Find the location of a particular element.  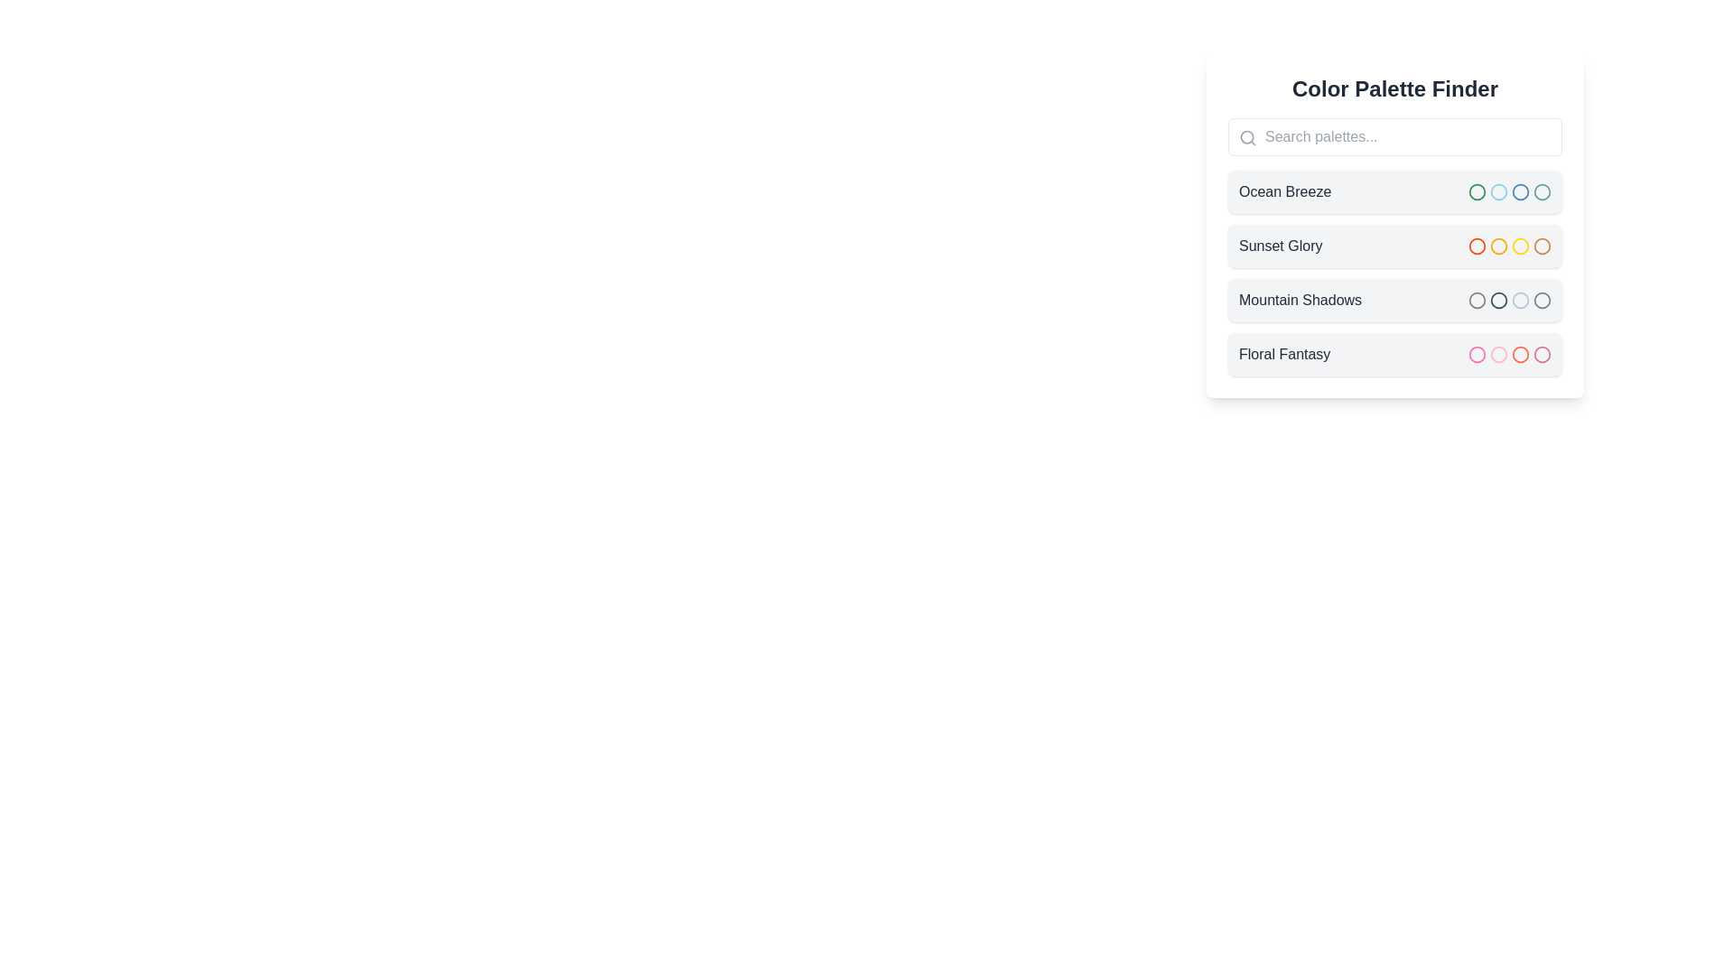

the circular lens of the magnifying glass icon located to the left of the 'Search palettes...' input box in the 'Color Palette Finder' section is located at coordinates (1246, 136).